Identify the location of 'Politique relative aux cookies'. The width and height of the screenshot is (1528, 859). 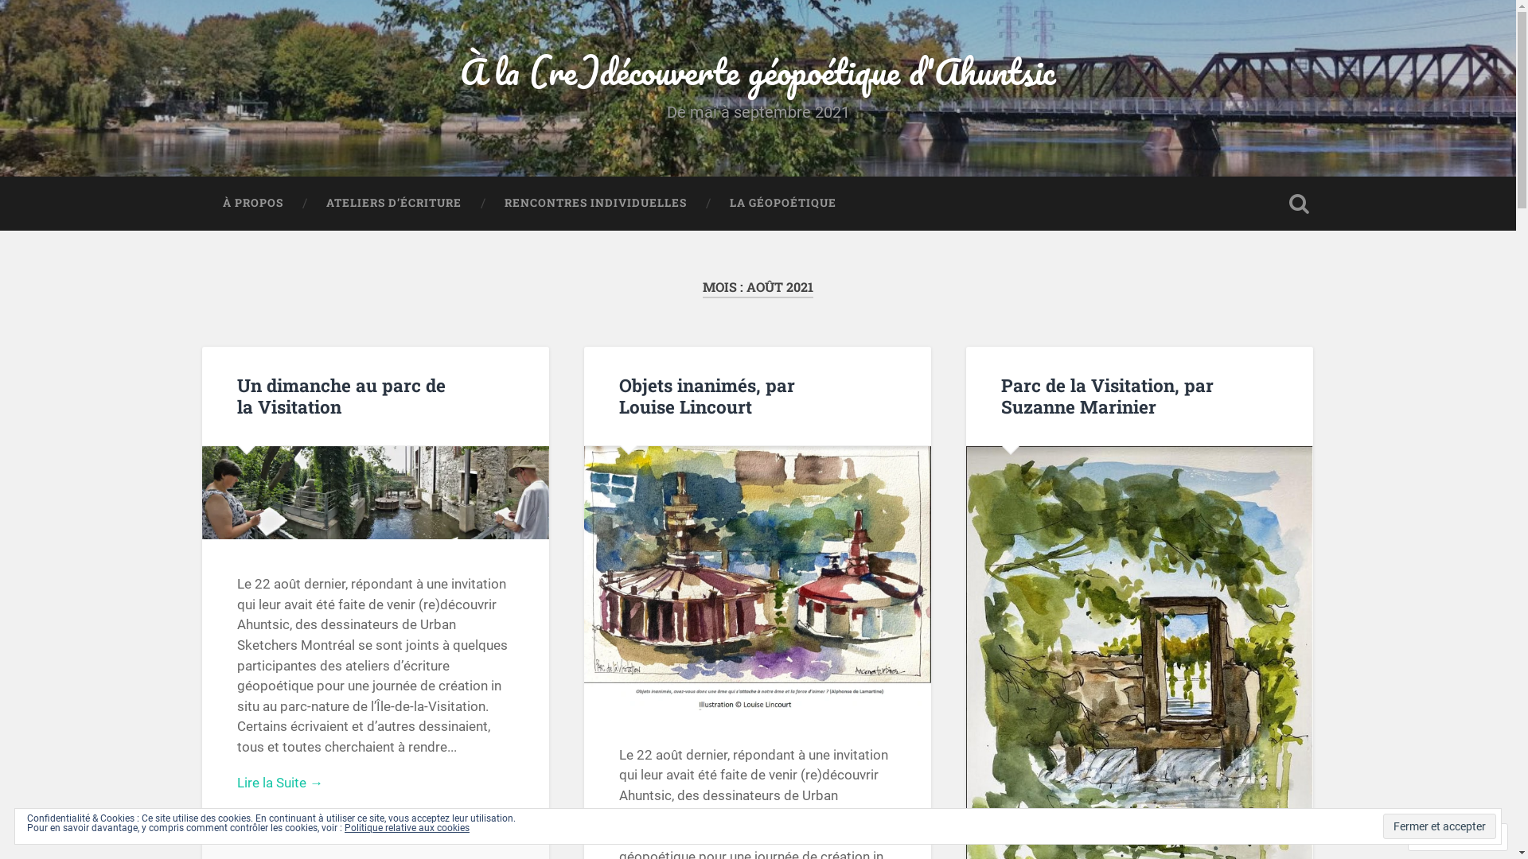
(407, 827).